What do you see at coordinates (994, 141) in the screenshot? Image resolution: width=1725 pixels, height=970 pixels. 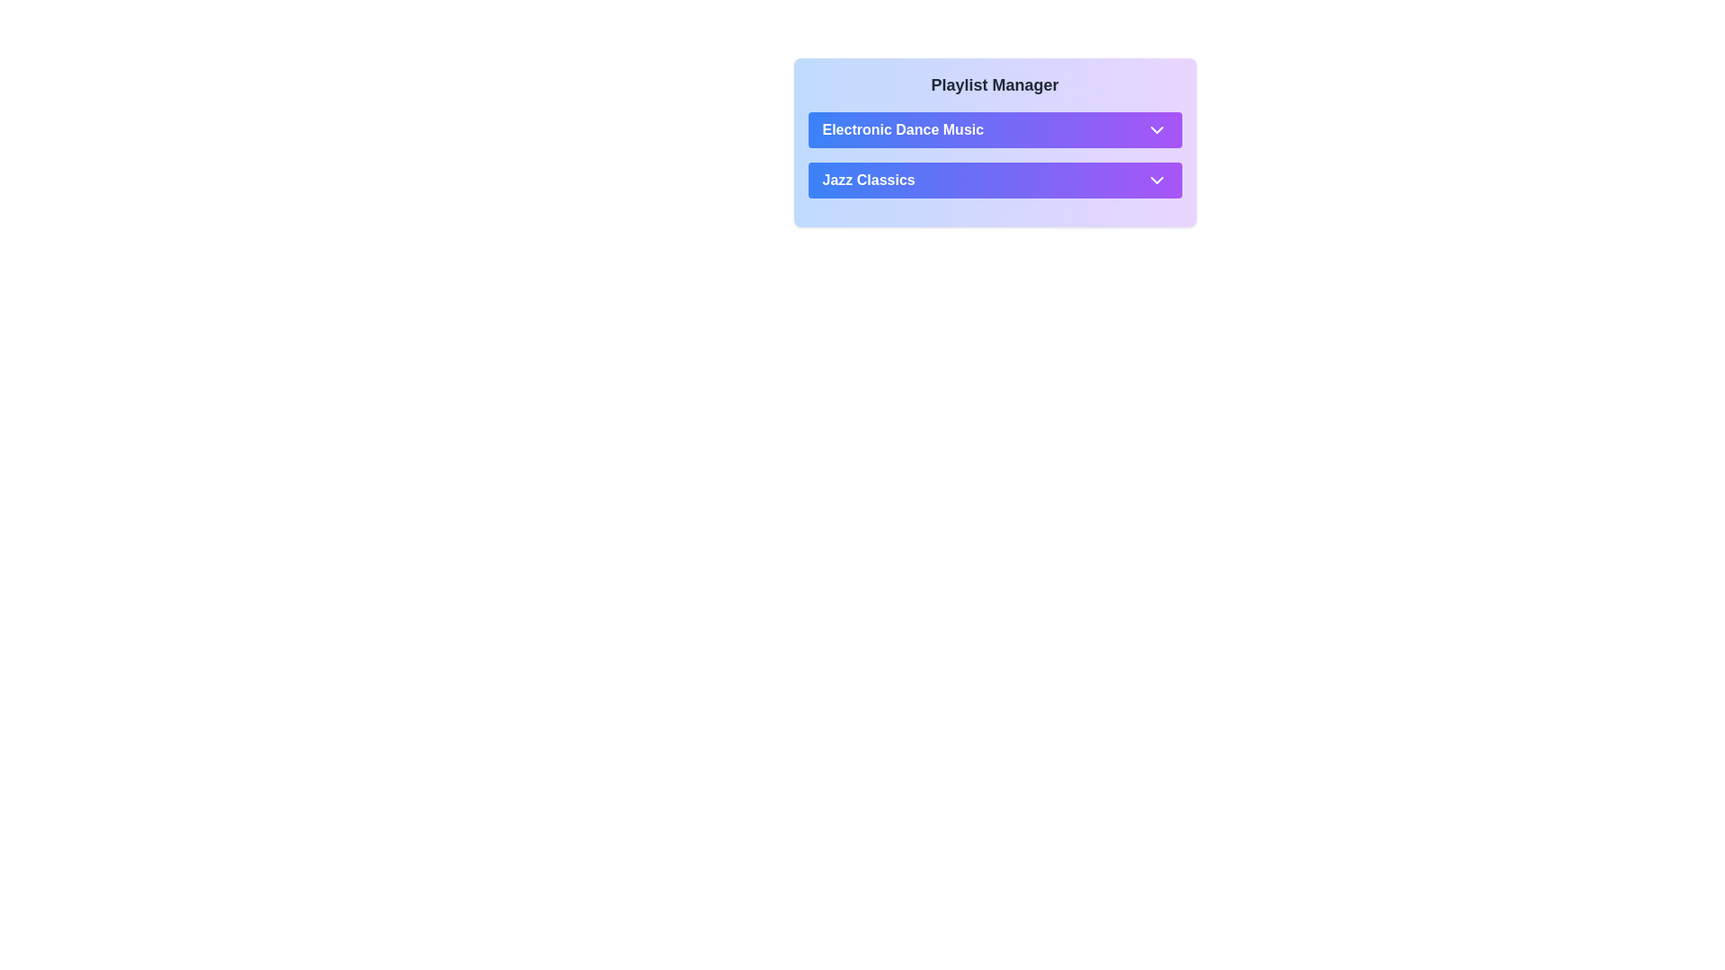 I see `the first selectable item in the playlist management UI, which is represented by a text with a dropdown icon` at bounding box center [994, 141].